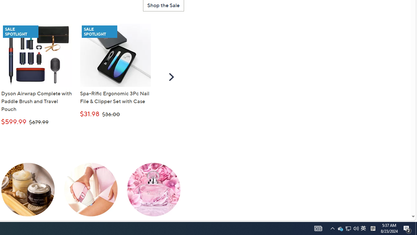 This screenshot has width=417, height=235. Describe the element at coordinates (28, 194) in the screenshot. I see `'Bath & Body'` at that location.